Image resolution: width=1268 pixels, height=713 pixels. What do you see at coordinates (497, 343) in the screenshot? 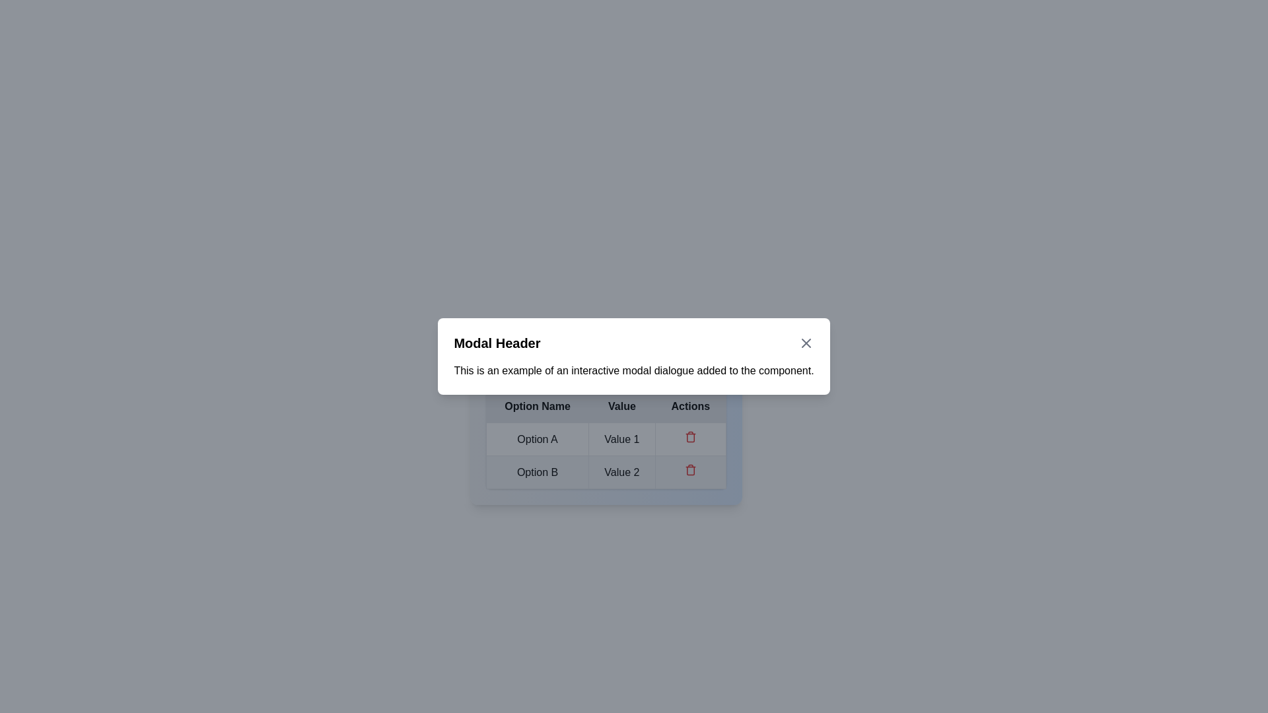
I see `title text label of the modal dialog box, which is centrally aligned and serves as a brief description of the modal's content` at bounding box center [497, 343].